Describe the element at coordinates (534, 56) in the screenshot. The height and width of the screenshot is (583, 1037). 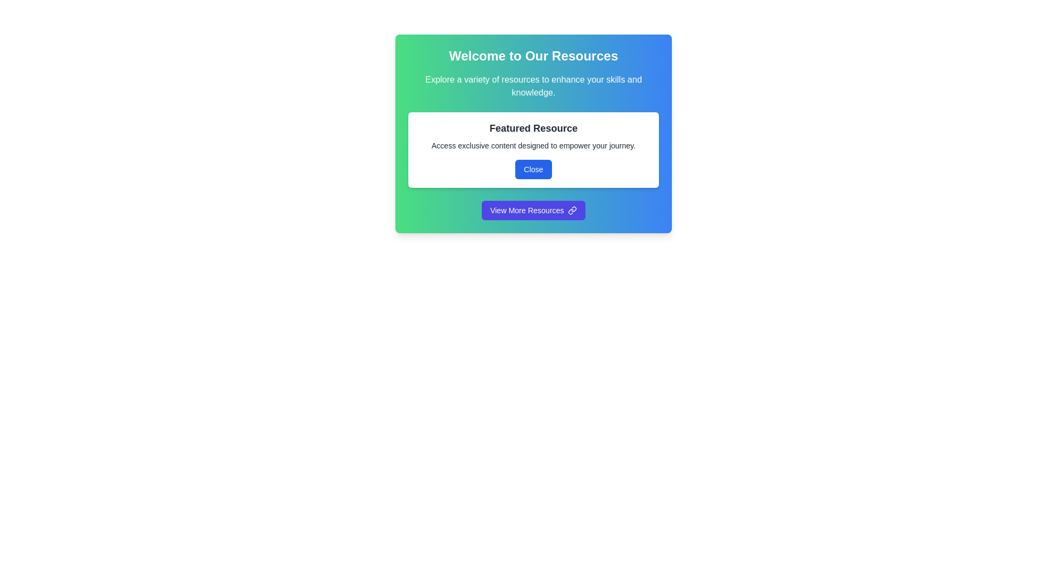
I see `text of the title labeled 'Welcome to Our Resources' displayed at the top of the gradient card` at that location.